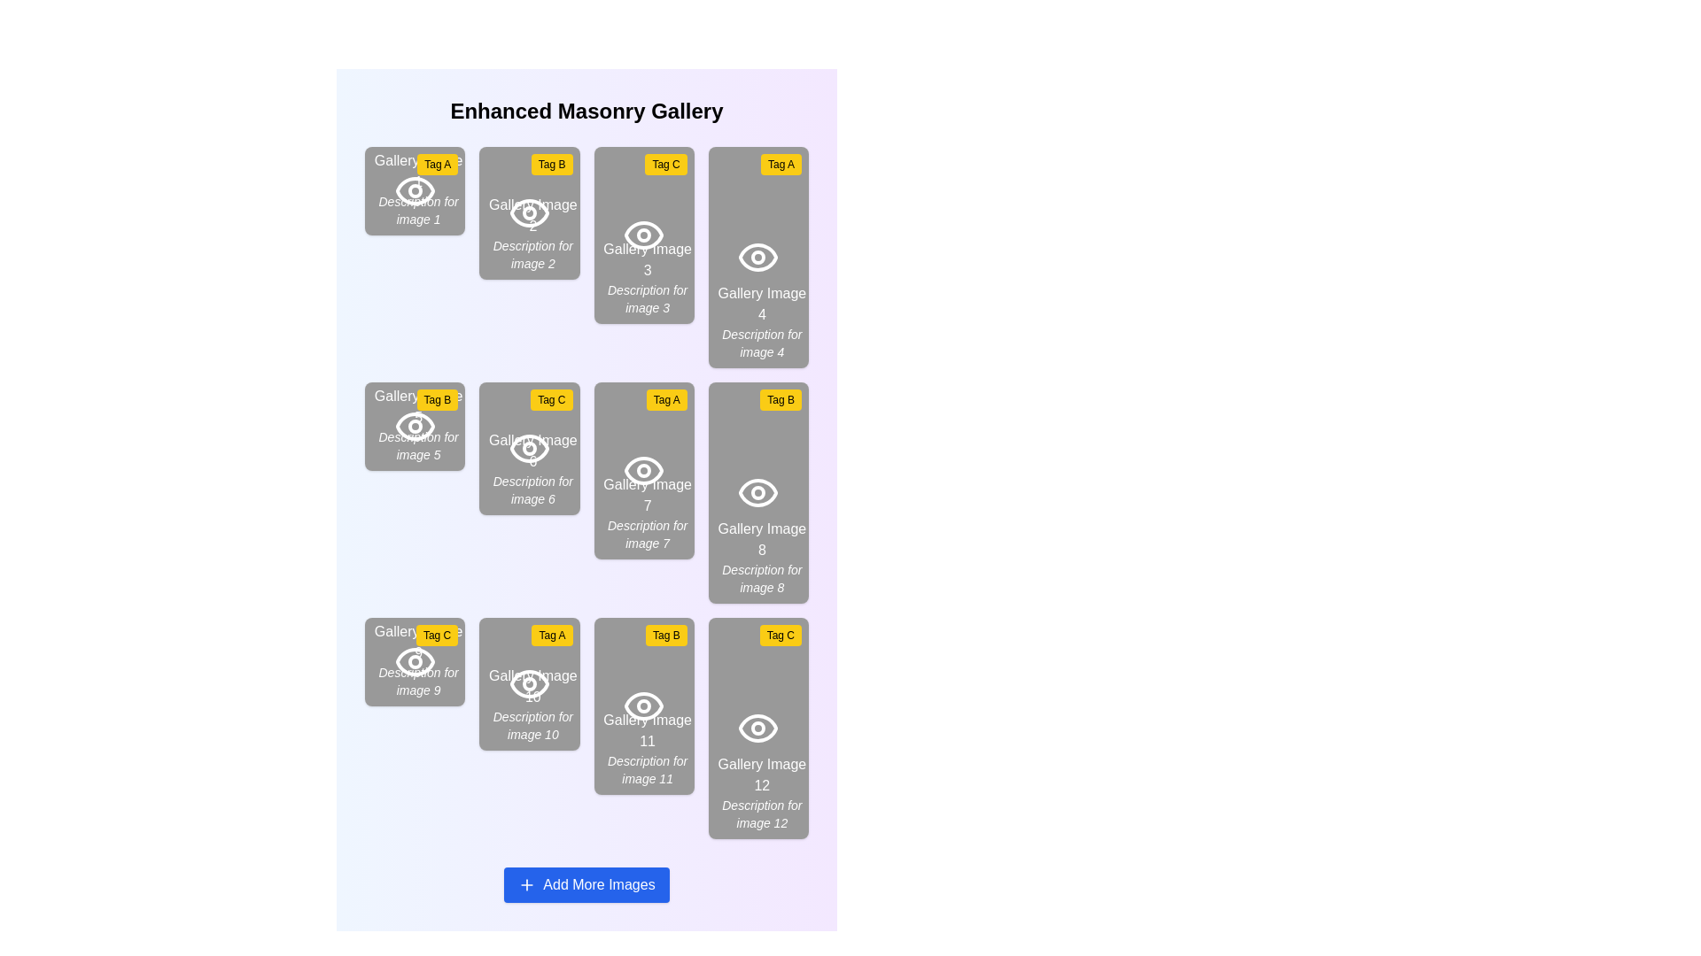 The height and width of the screenshot is (956, 1701). What do you see at coordinates (417, 445) in the screenshot?
I see `the text element displaying 'Description for image 5' which is styled in a smaller italicized font and positioned within the description section of the gallery card for 'Gallery Image 5'` at bounding box center [417, 445].